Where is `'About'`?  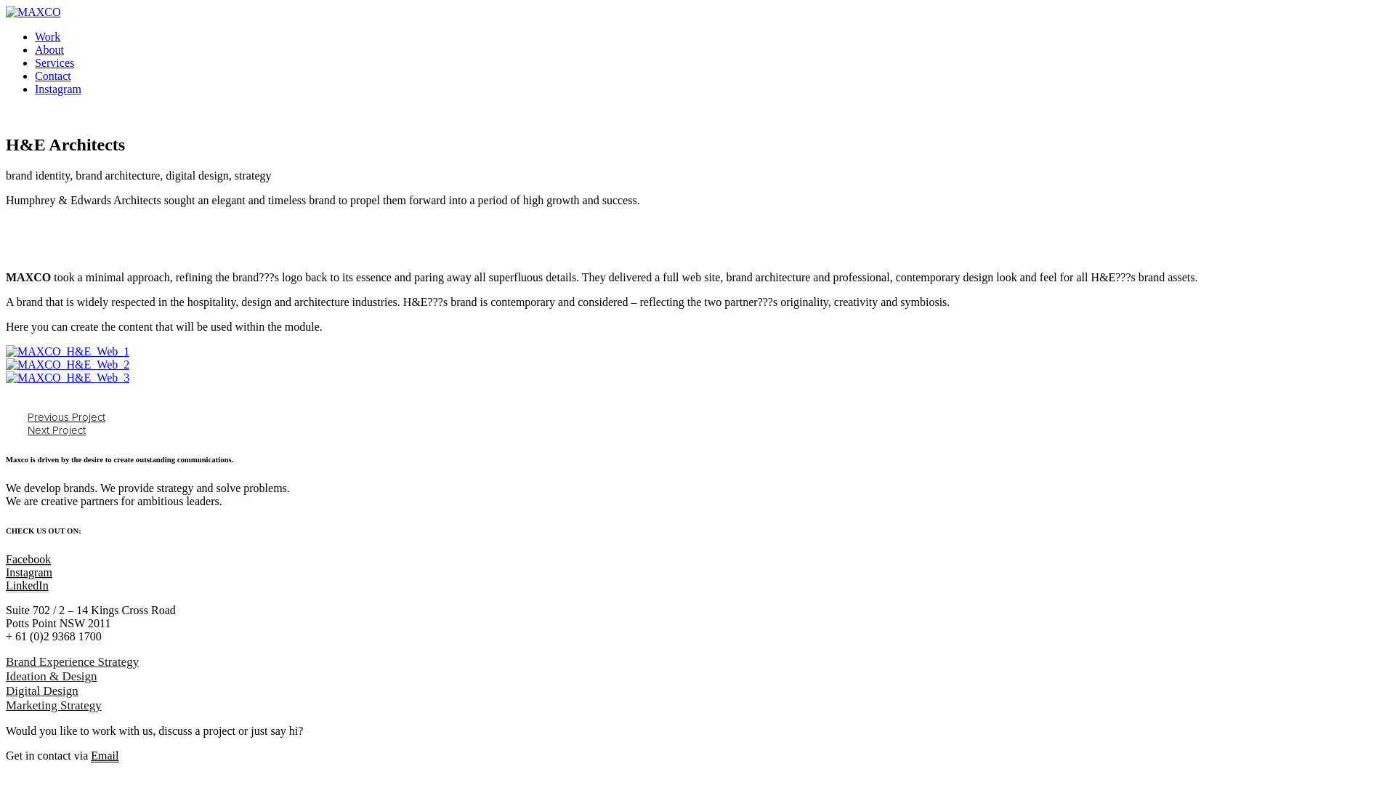 'About' is located at coordinates (49, 49).